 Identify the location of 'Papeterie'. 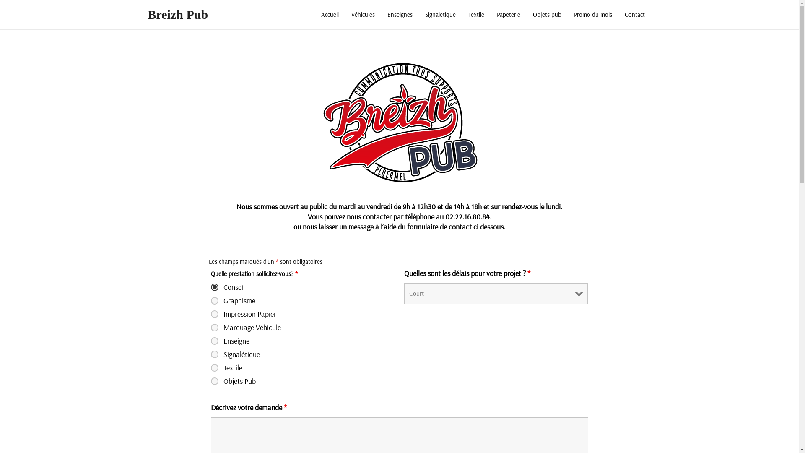
(508, 14).